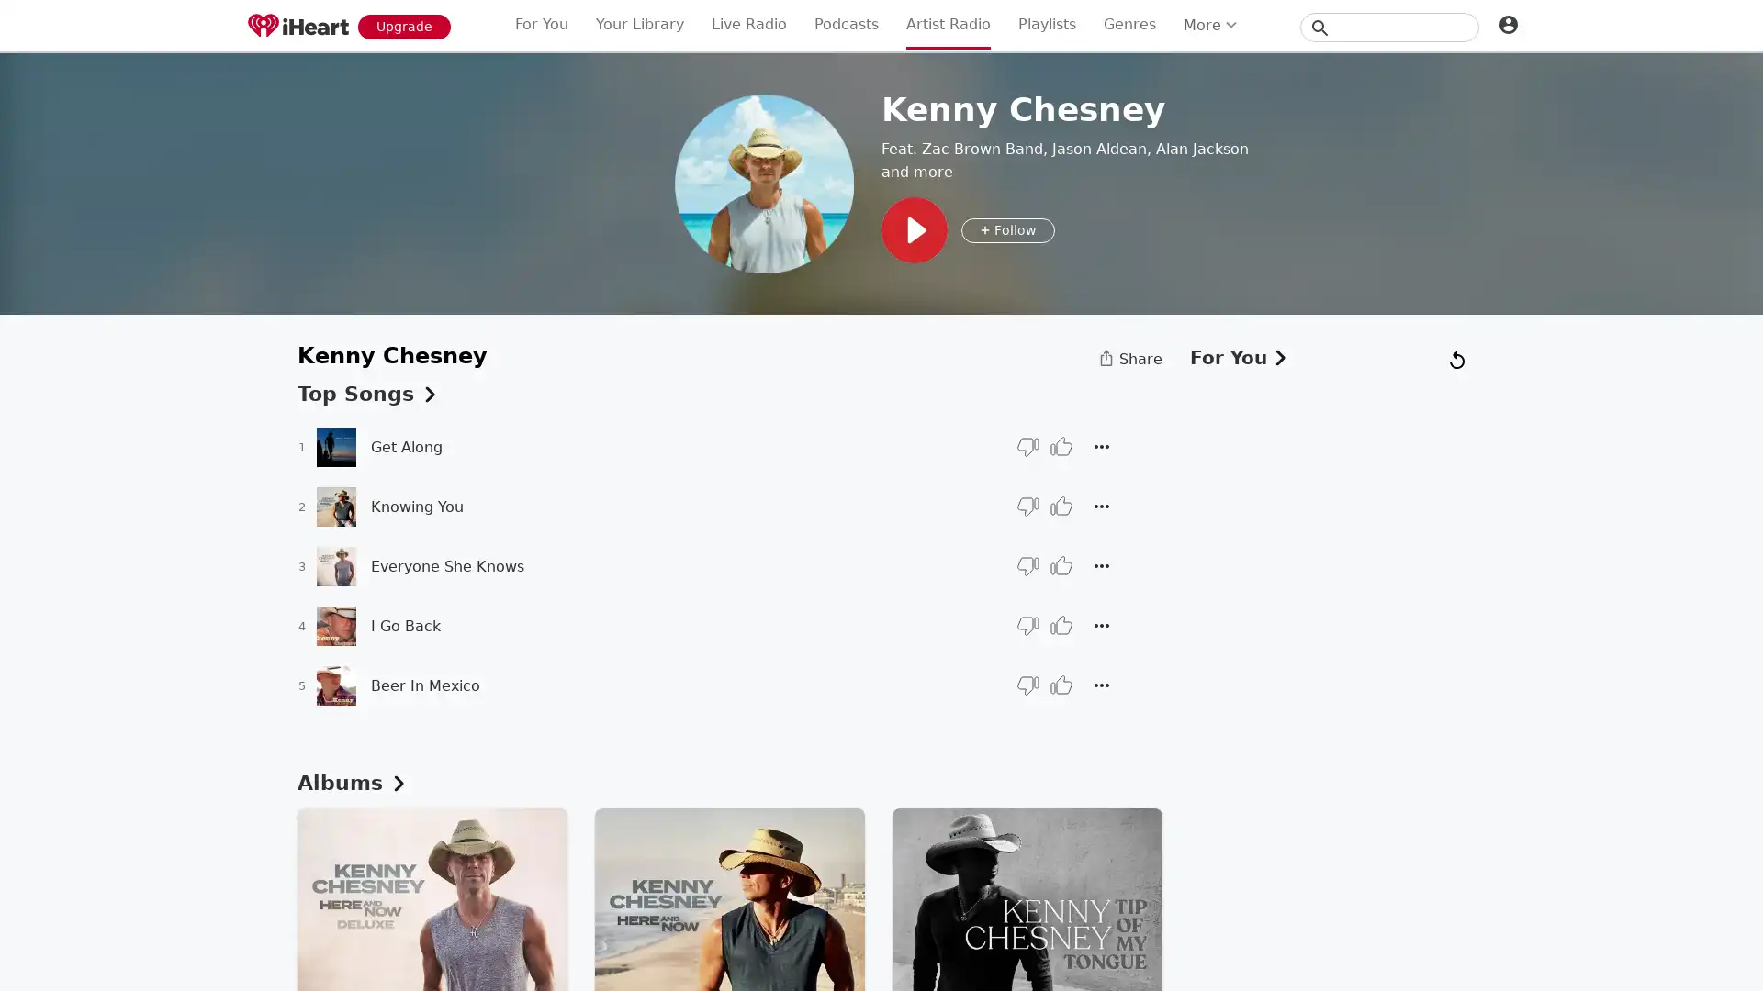  I want to click on Play, so click(335, 624).